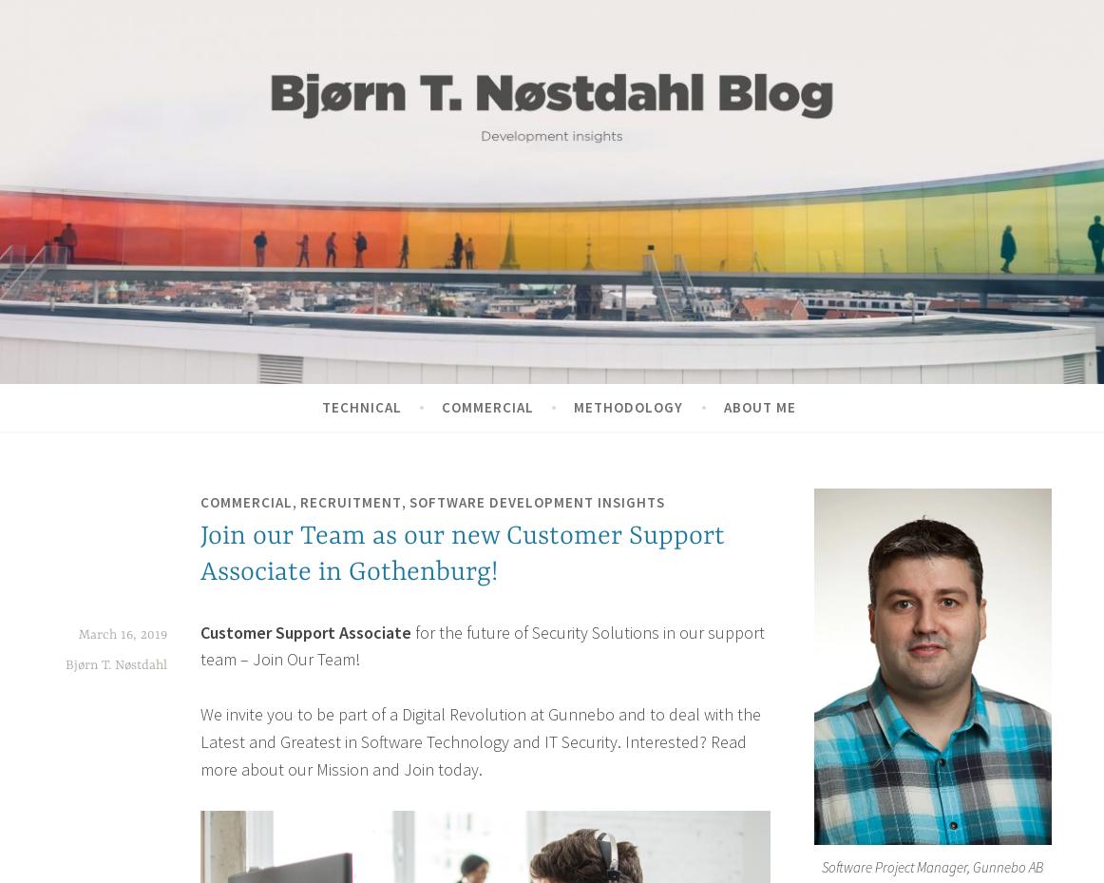 This screenshot has height=883, width=1104. Describe the element at coordinates (627, 405) in the screenshot. I see `'Methodology'` at that location.